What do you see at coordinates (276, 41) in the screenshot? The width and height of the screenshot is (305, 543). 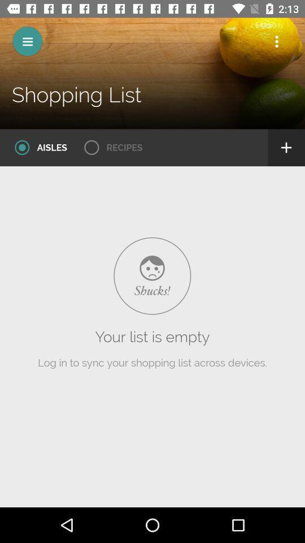 I see `settings drop down menu toggle` at bounding box center [276, 41].